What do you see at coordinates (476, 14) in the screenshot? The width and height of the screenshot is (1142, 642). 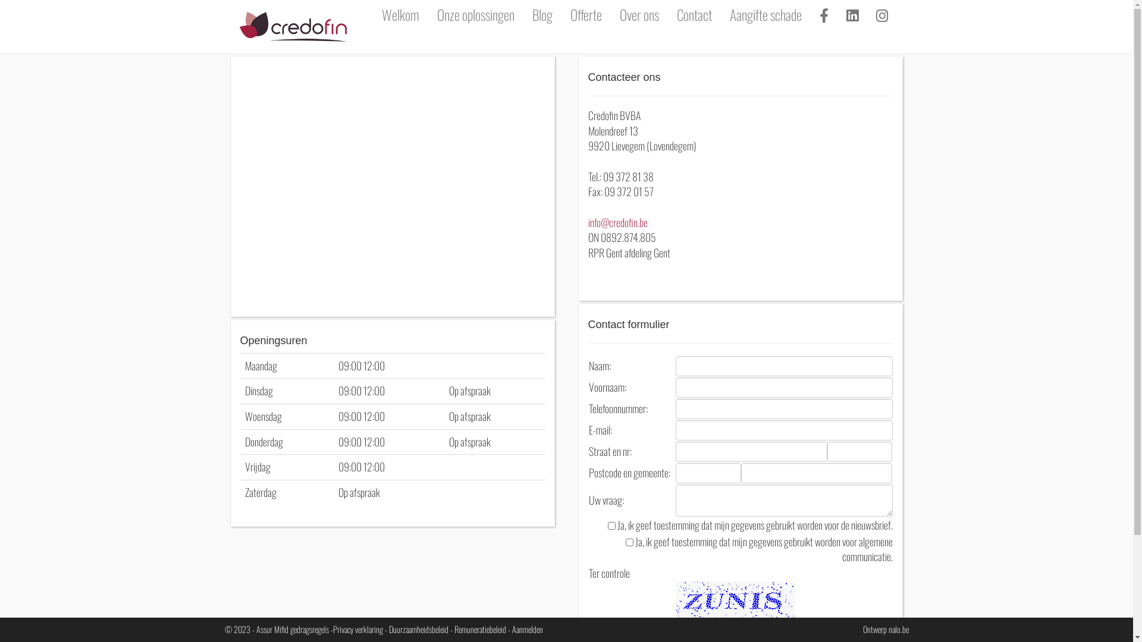 I see `'Onze oplossingen'` at bounding box center [476, 14].